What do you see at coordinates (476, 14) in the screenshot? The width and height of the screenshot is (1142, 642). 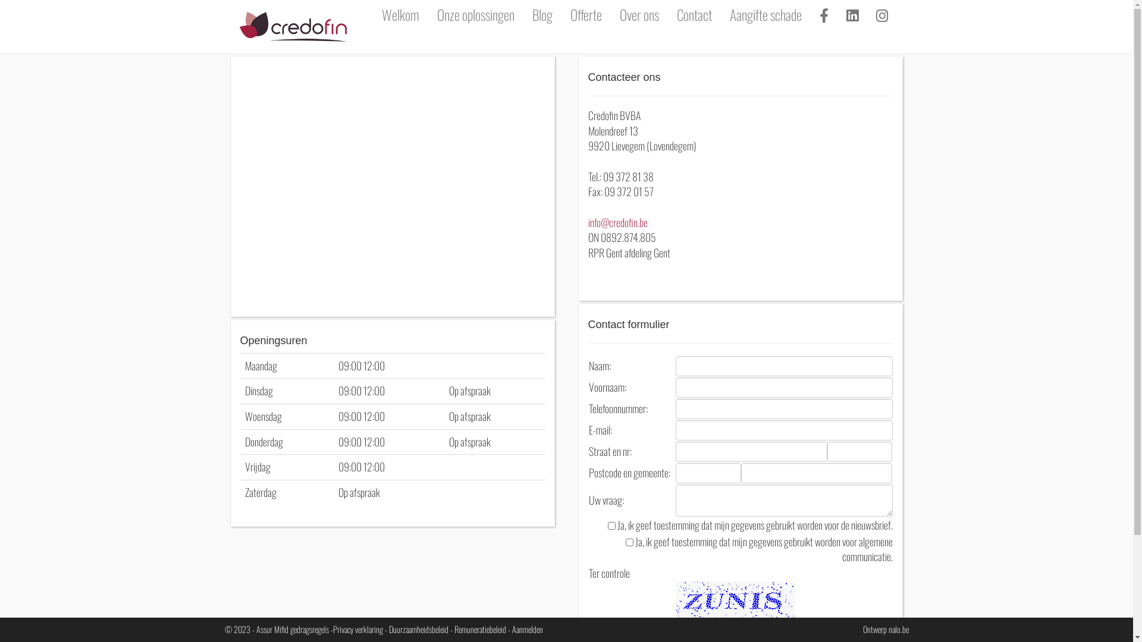 I see `'Onze oplossingen'` at bounding box center [476, 14].